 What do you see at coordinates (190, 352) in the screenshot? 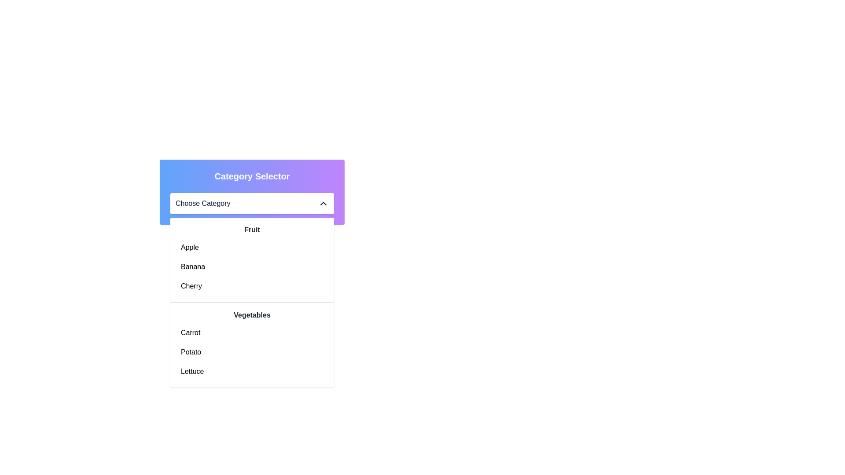
I see `the text label displaying 'Potato' in black text within the dropdown menu under the 'Vegetables' section` at bounding box center [190, 352].